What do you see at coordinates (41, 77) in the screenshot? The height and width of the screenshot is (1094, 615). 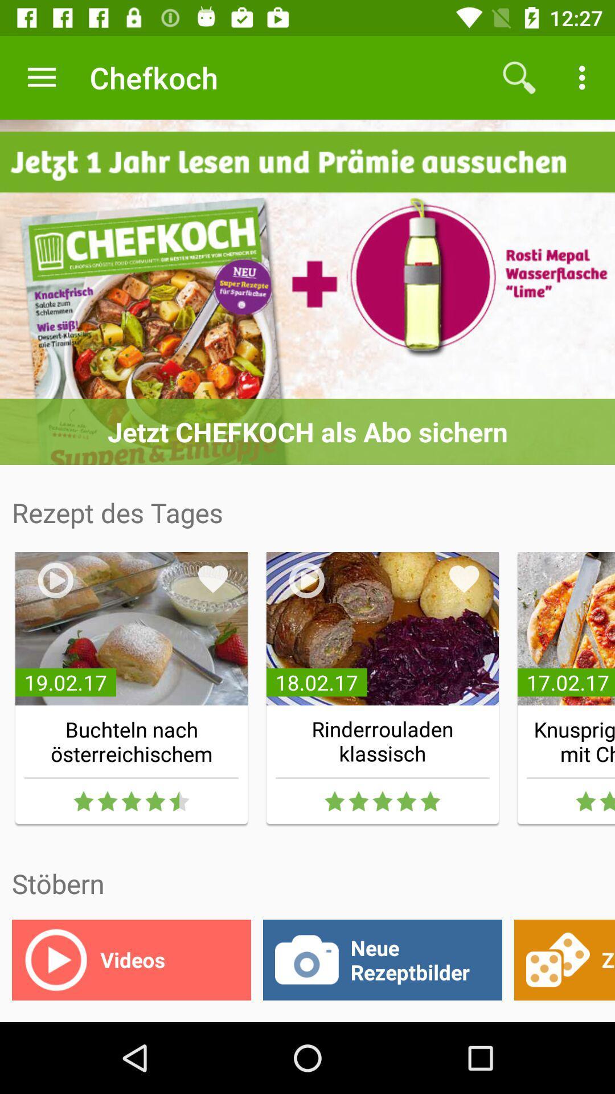 I see `icon to the left of chefkoch app` at bounding box center [41, 77].